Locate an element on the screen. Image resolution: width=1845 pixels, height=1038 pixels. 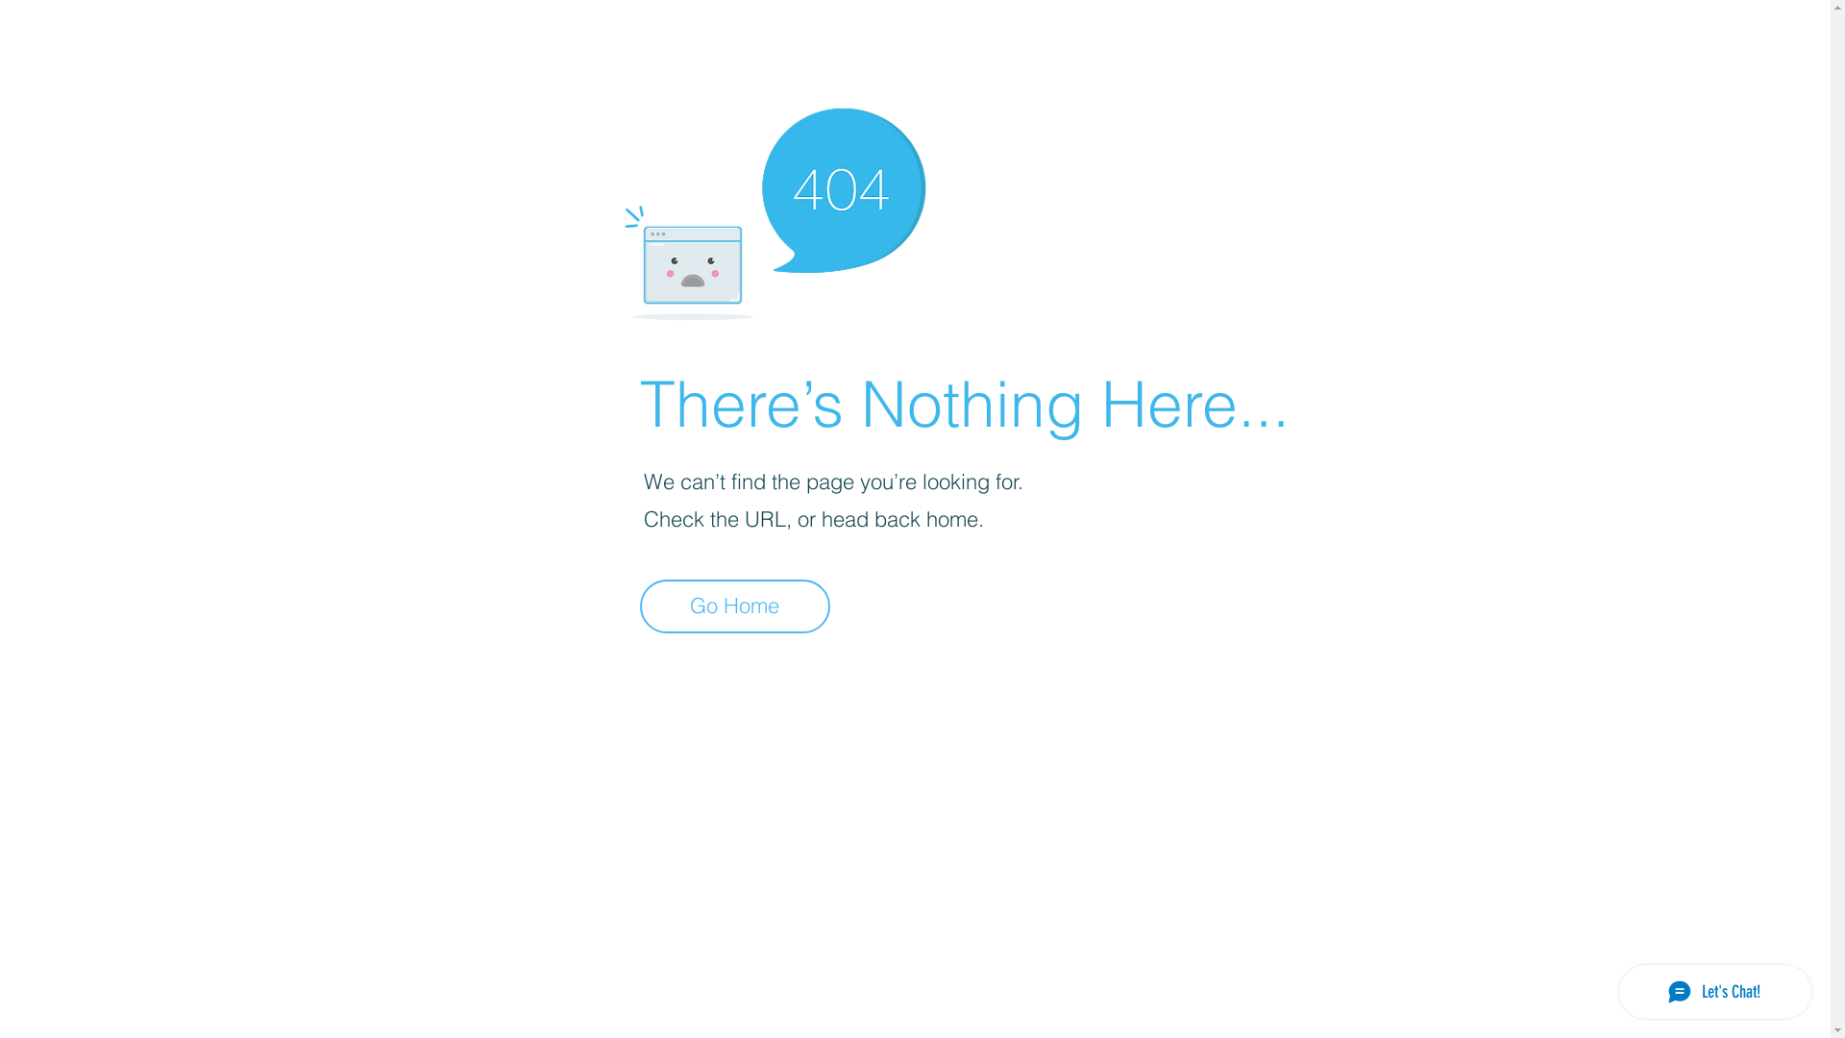
'Go Home' is located at coordinates (640, 606).